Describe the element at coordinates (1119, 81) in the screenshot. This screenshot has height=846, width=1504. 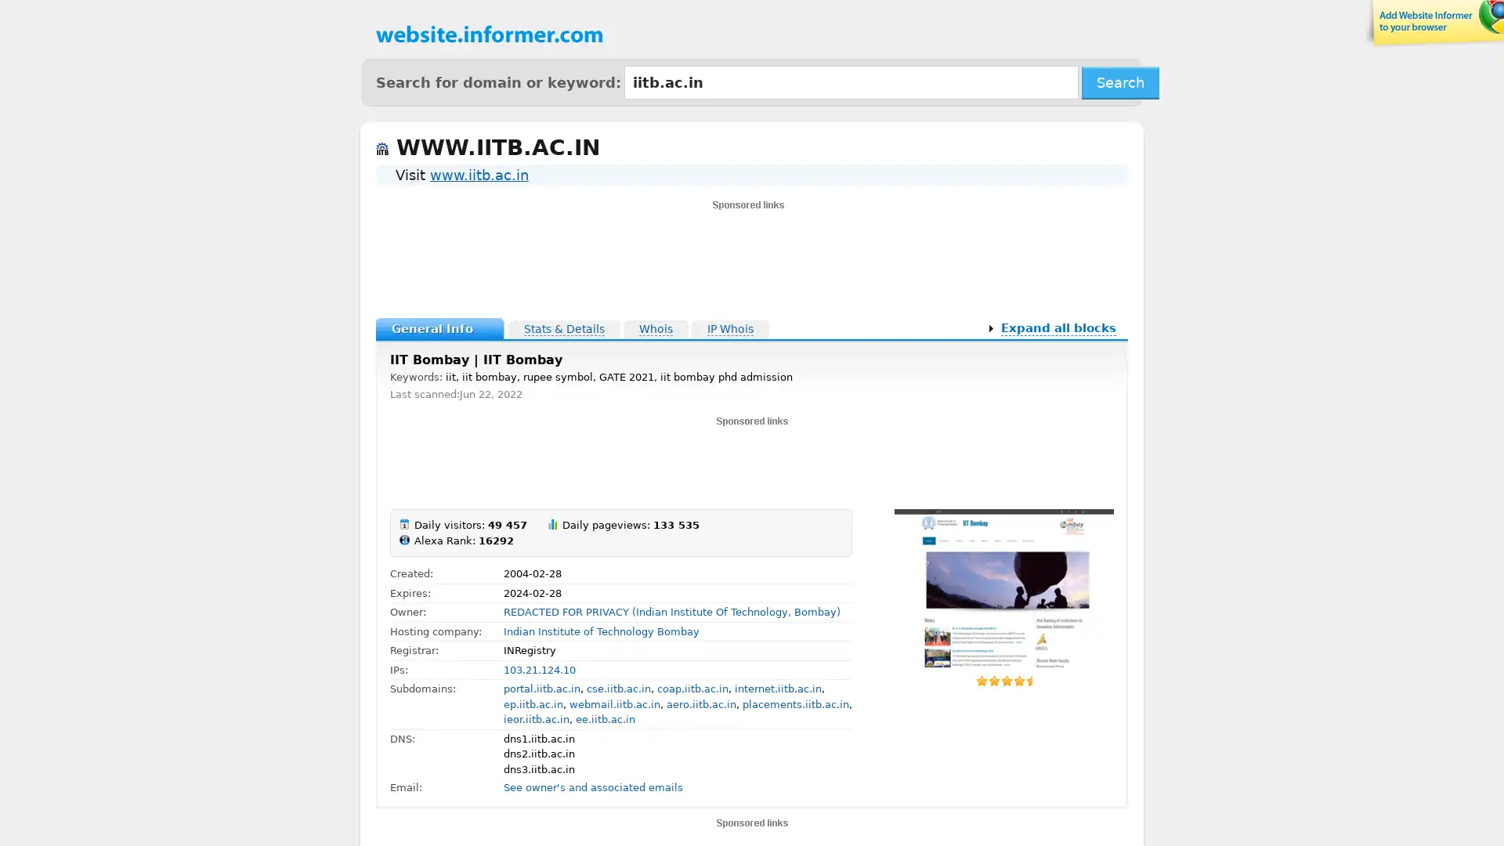
I see `Search` at that location.